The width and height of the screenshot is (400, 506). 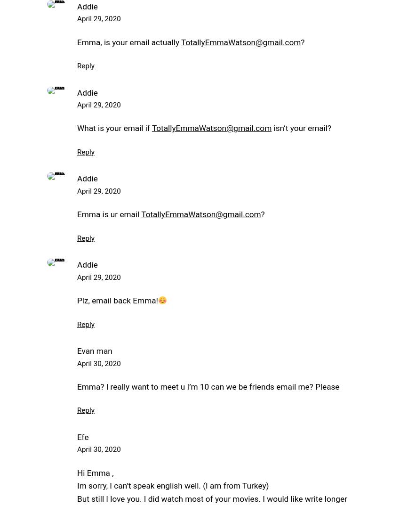 I want to click on 'isn’t your email?', so click(x=301, y=128).